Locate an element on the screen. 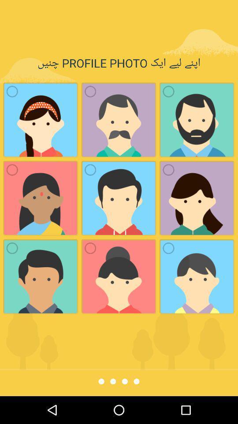 The width and height of the screenshot is (238, 424). fourth page indicator from the left side is located at coordinates (137, 381).